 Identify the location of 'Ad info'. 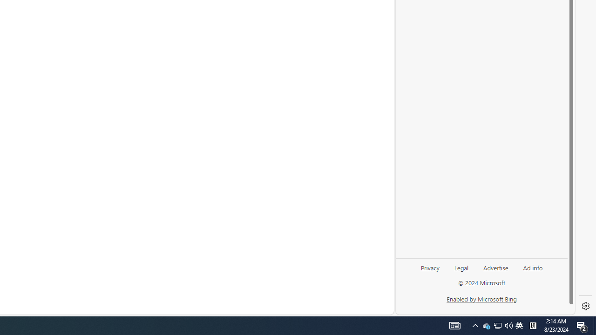
(533, 271).